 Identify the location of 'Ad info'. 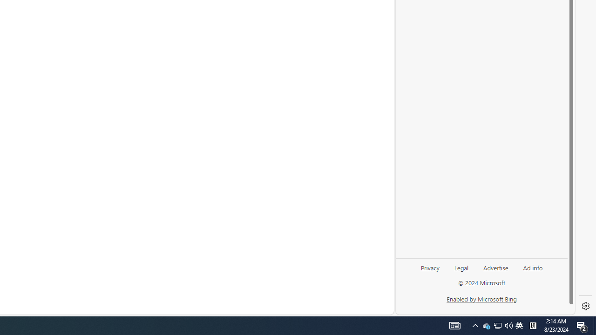
(533, 271).